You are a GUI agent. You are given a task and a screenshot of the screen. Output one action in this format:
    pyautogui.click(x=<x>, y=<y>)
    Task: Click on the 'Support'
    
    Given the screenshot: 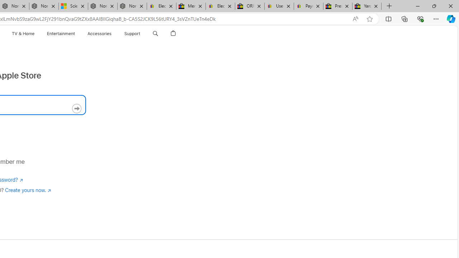 What is the action you would take?
    pyautogui.click(x=132, y=33)
    